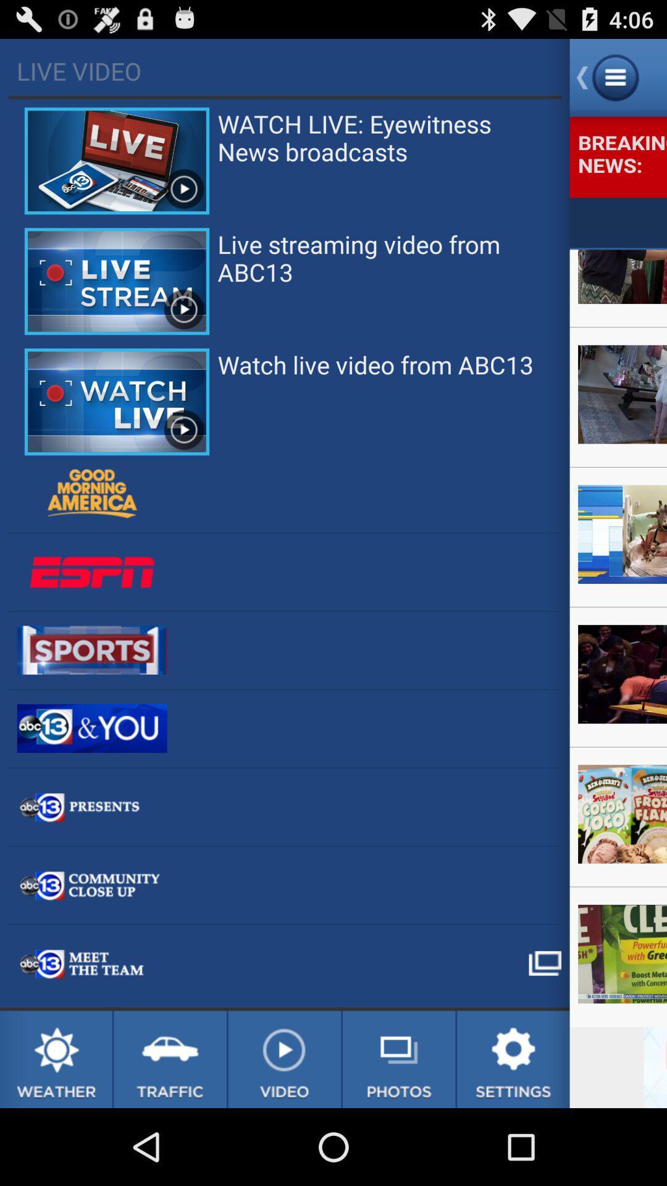  I want to click on no, so click(284, 1059).